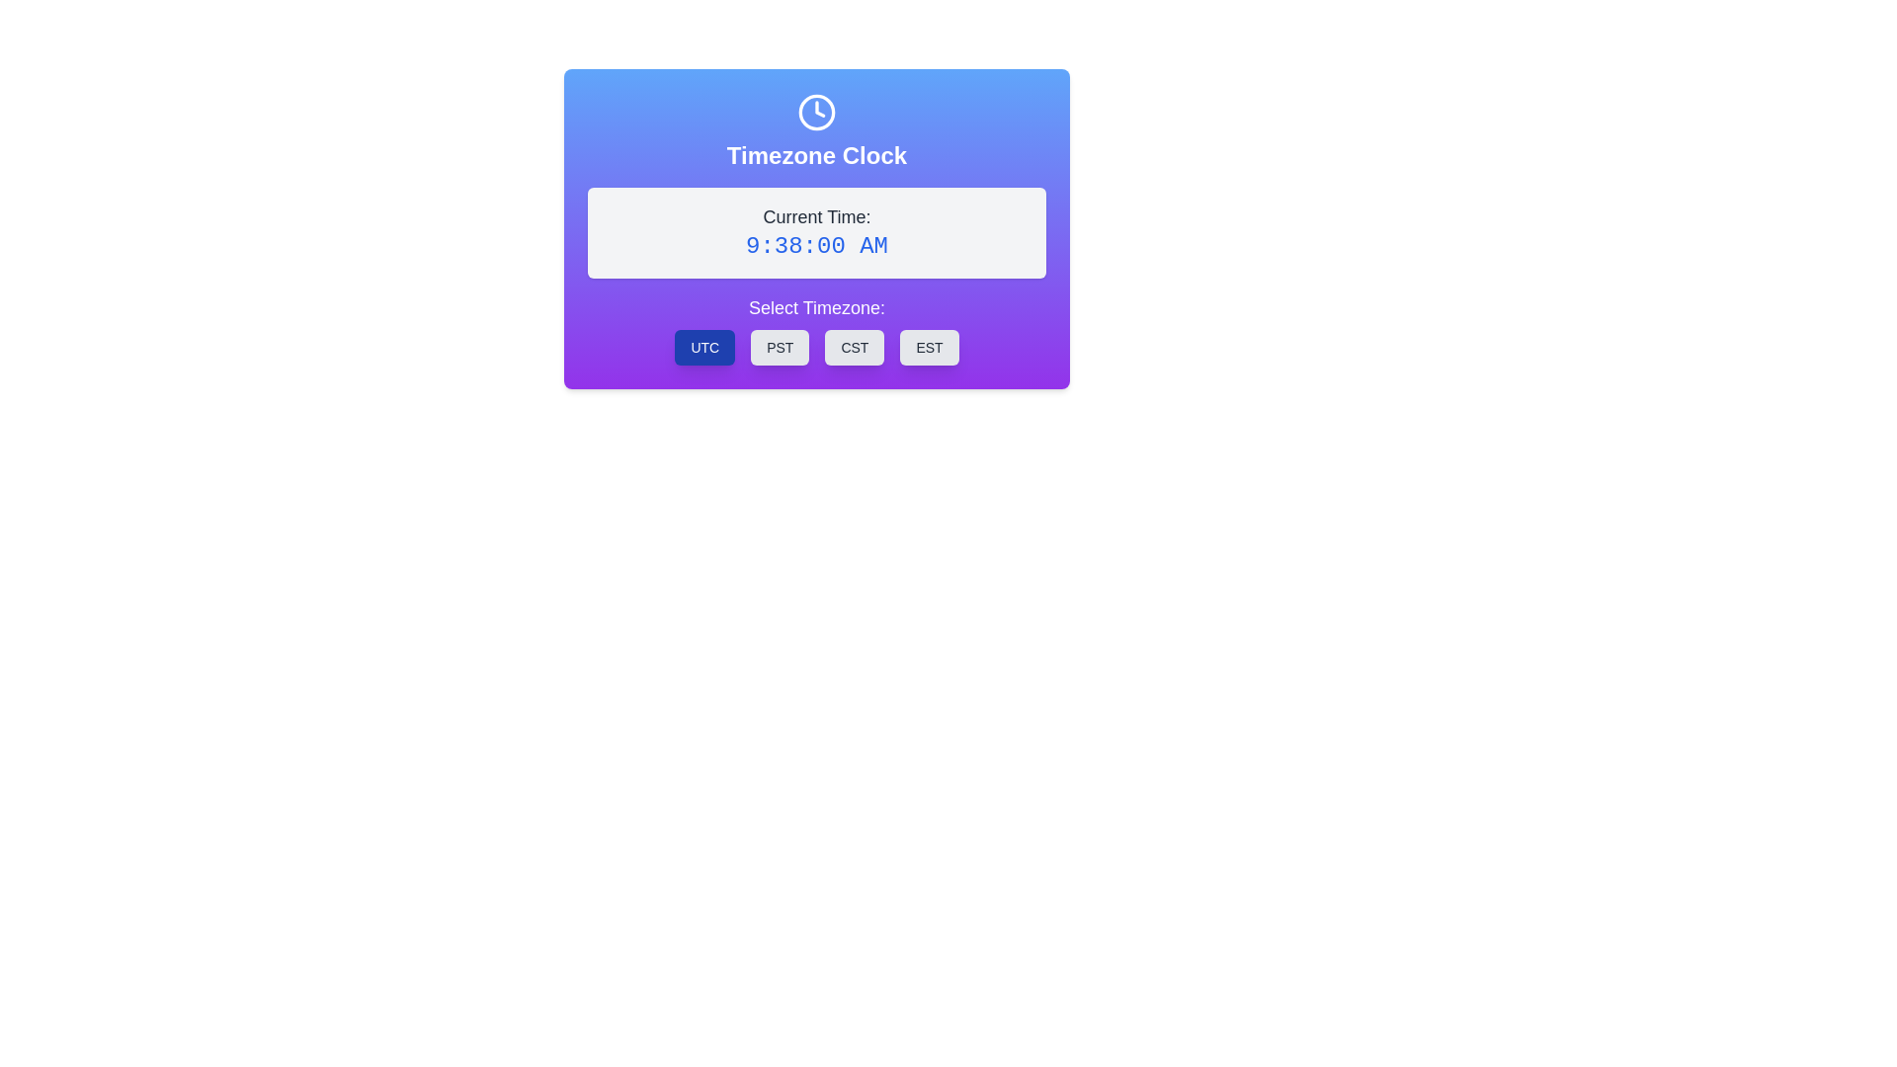 The height and width of the screenshot is (1067, 1897). Describe the element at coordinates (779, 346) in the screenshot. I see `the button labeled 'PST'` at that location.